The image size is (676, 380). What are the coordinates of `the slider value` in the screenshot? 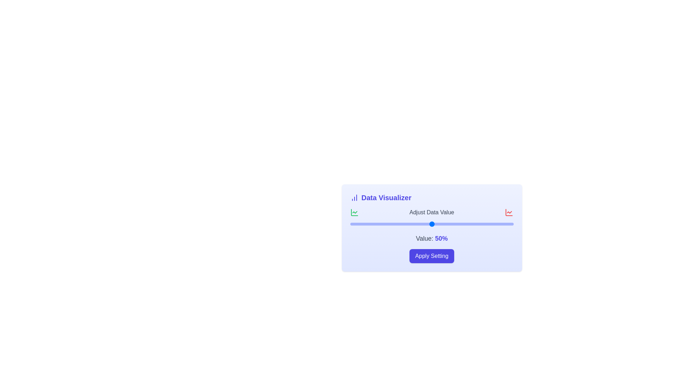 It's located at (406, 224).